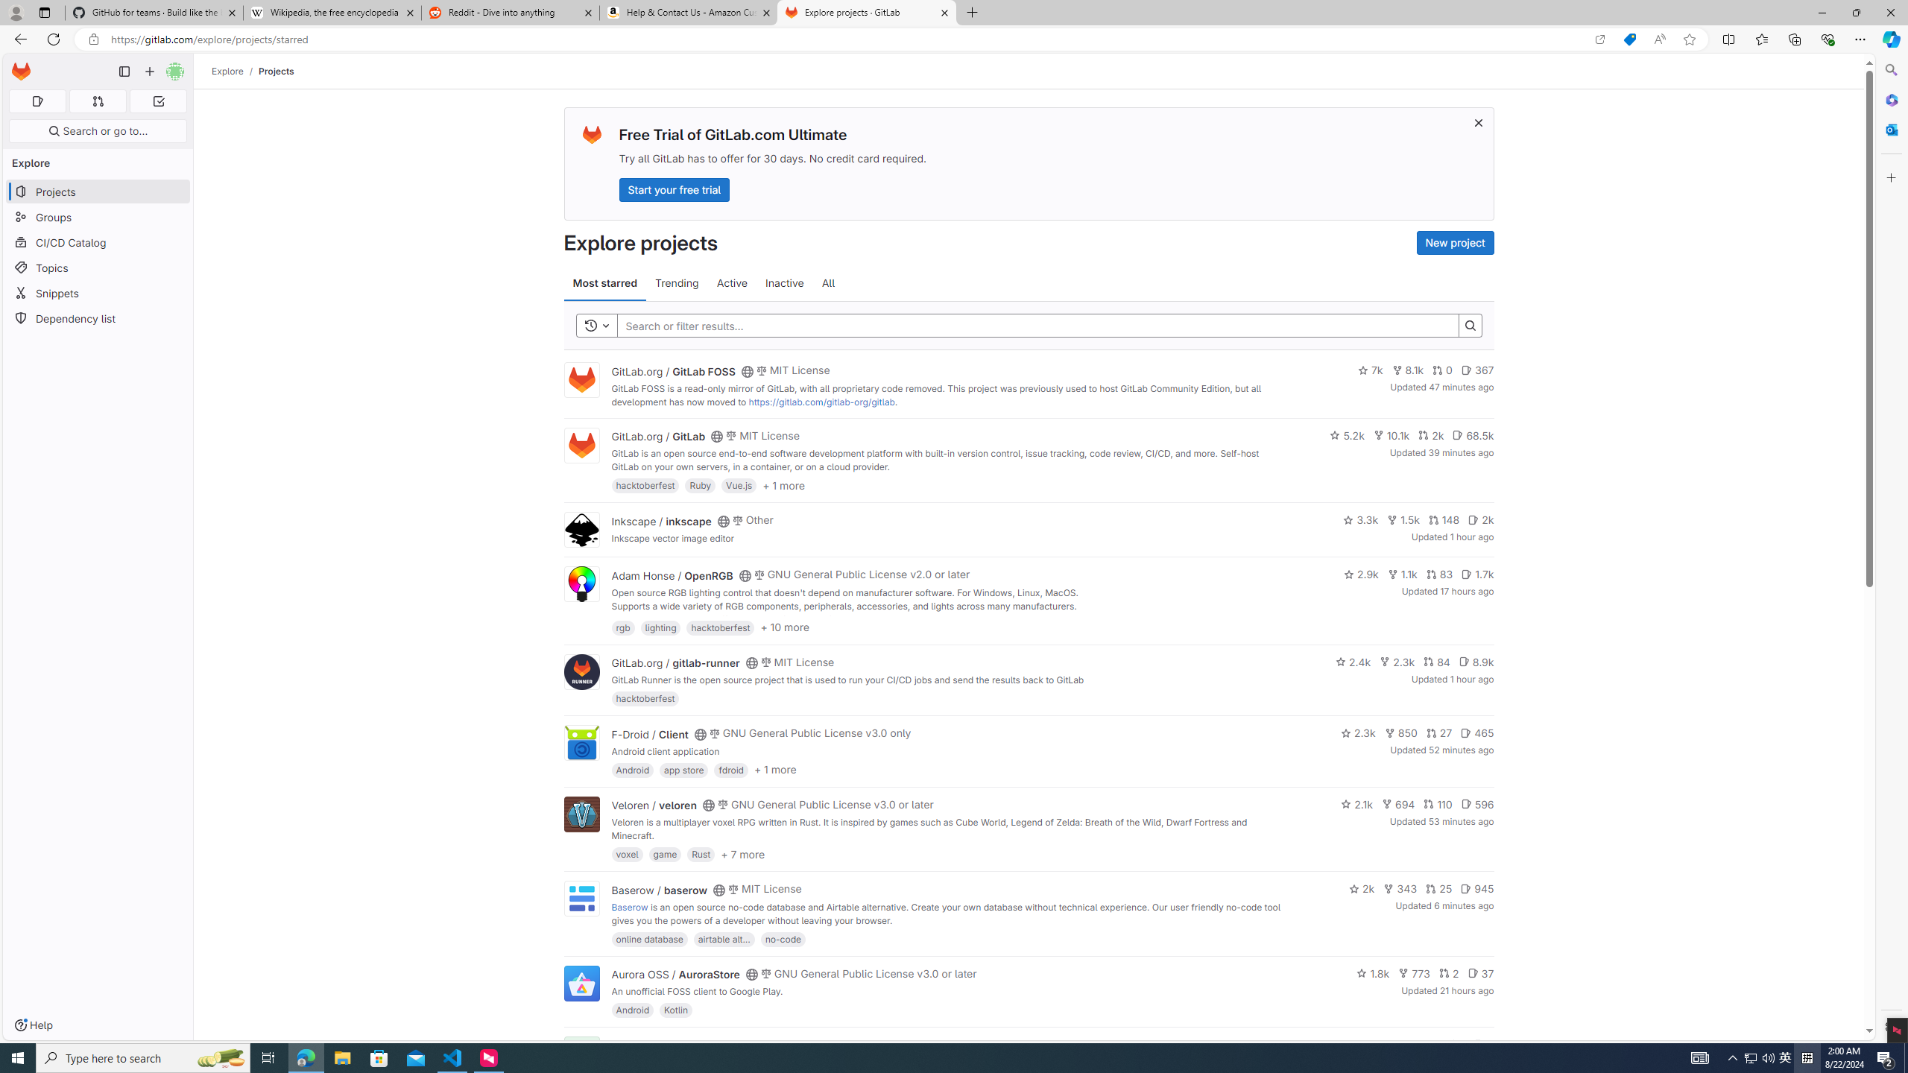 This screenshot has height=1073, width=1908. Describe the element at coordinates (1476, 804) in the screenshot. I see `'596'` at that location.